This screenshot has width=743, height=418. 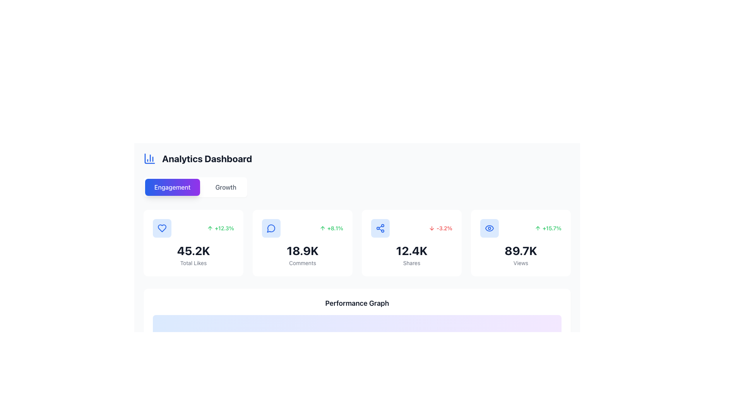 What do you see at coordinates (150, 158) in the screenshot?
I see `the leftmost vertical bar of the chart icon within the Analytics Dashboard, which is styled in blue and part of a graphical element representing a data visualization tool` at bounding box center [150, 158].